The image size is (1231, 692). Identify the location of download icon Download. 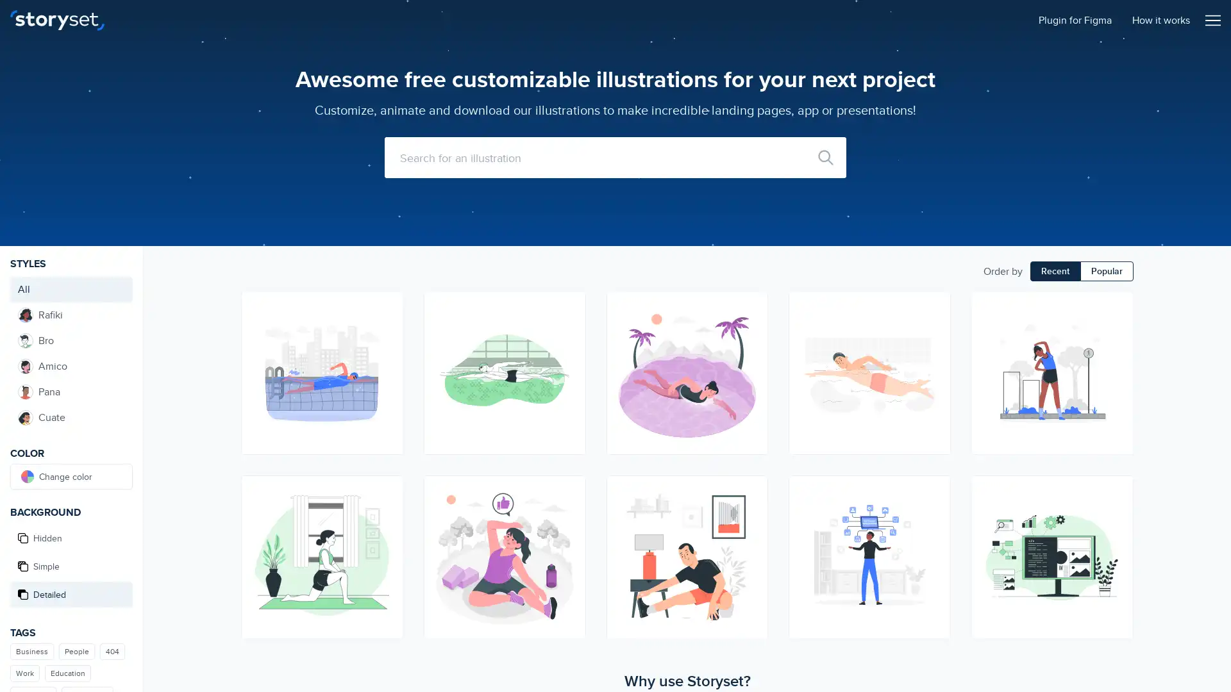
(935, 513).